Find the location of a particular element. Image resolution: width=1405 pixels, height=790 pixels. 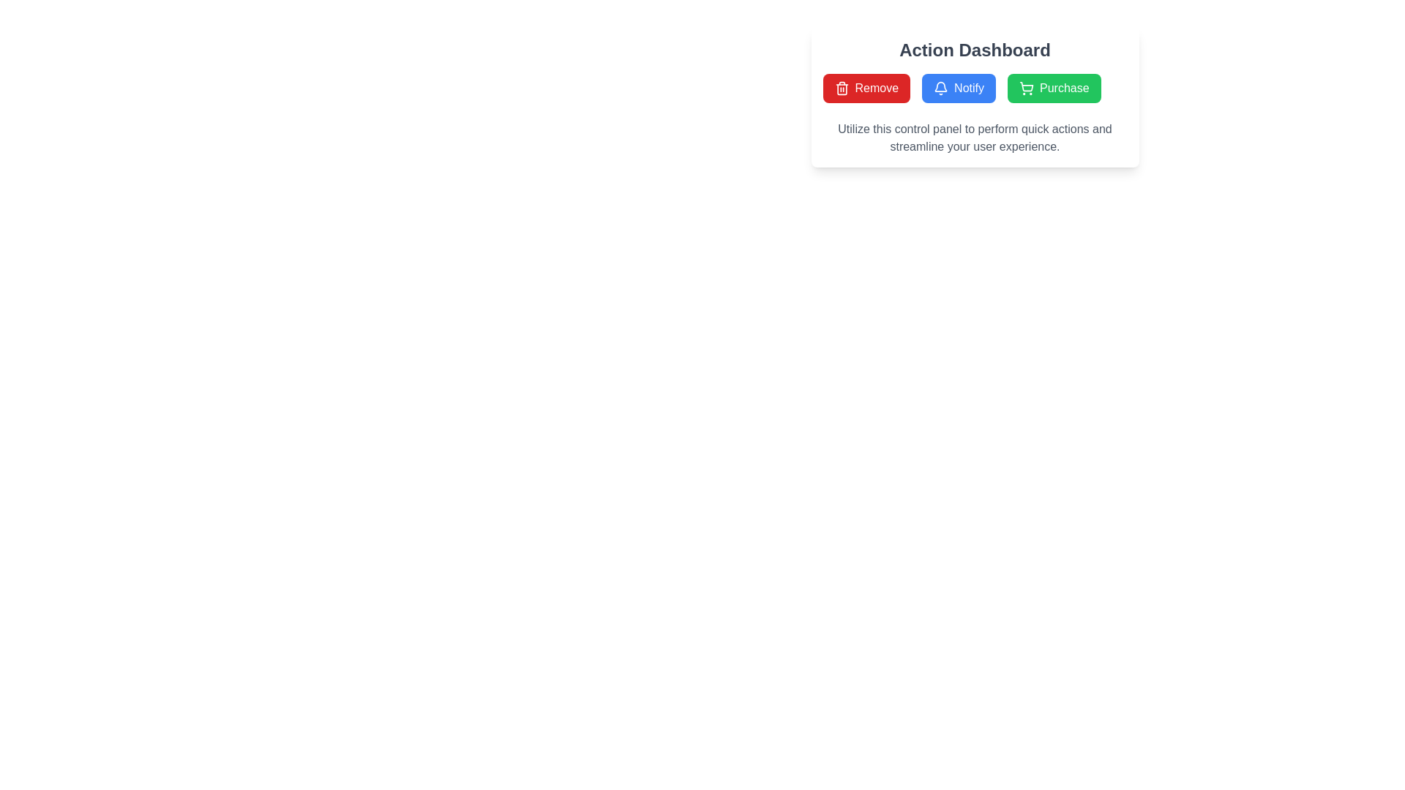

the shopping cart icon located within the 'Purchase' button at the far right of the row of three buttons under the 'Action Dashboard' is located at coordinates (1026, 86).